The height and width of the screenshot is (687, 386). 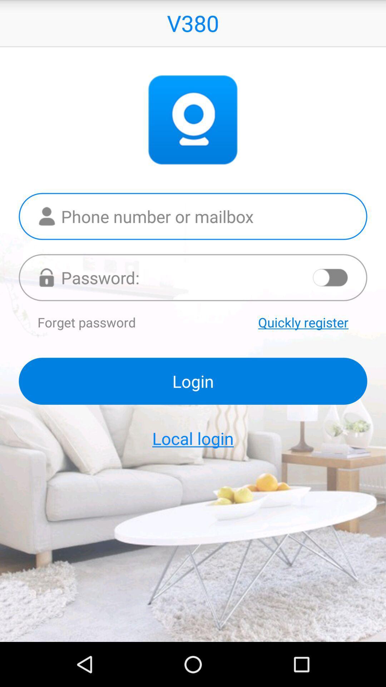 What do you see at coordinates (193, 277) in the screenshot?
I see `password option` at bounding box center [193, 277].